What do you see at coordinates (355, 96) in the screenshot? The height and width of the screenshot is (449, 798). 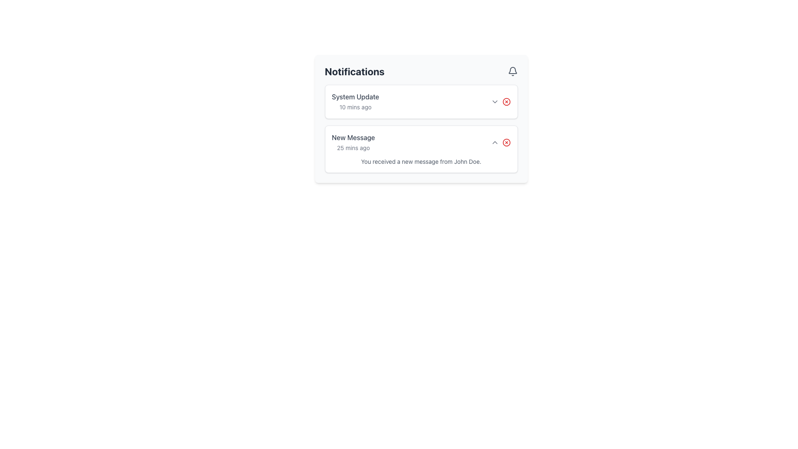 I see `the Text Label that serves as the notification title, which is positioned at the top of the notification card, above the timestamp '10 mins ago'` at bounding box center [355, 96].